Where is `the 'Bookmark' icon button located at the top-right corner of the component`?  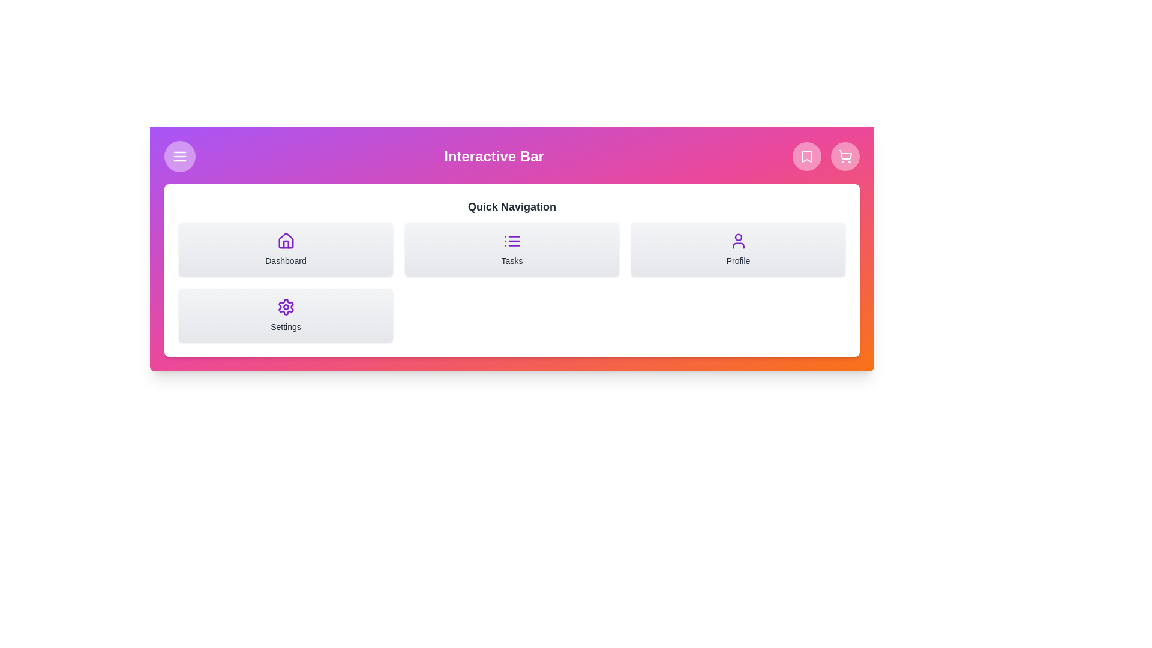 the 'Bookmark' icon button located at the top-right corner of the component is located at coordinates (806, 156).